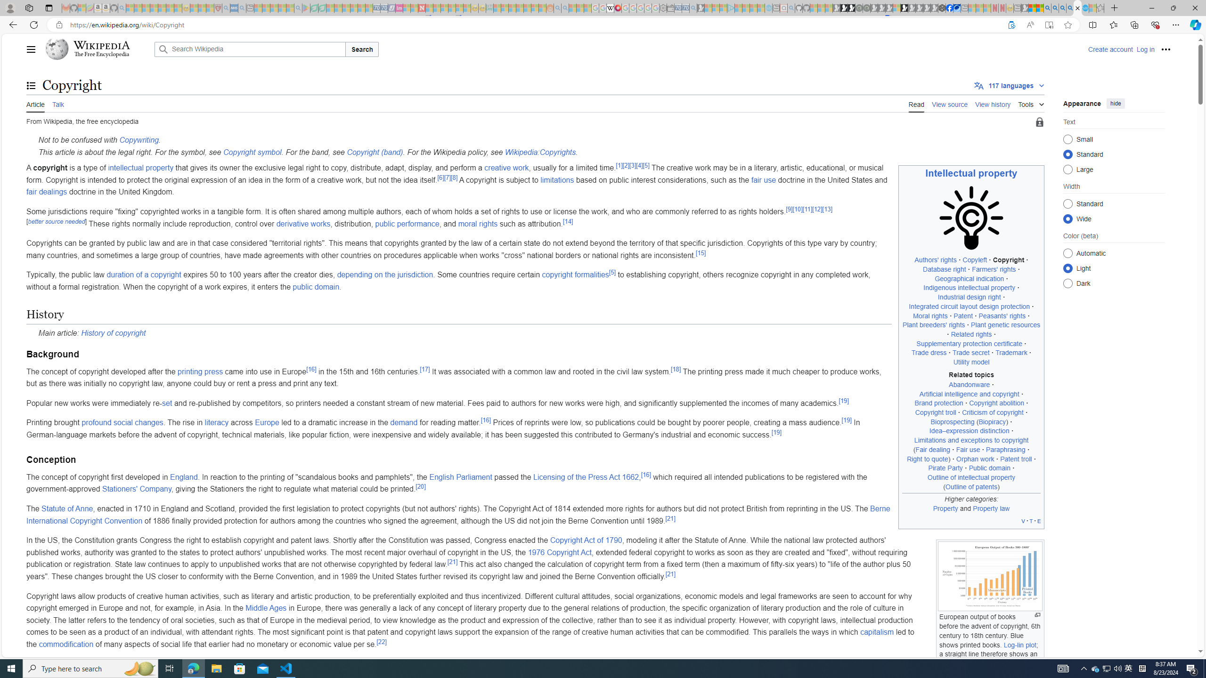 The height and width of the screenshot is (678, 1206). Describe the element at coordinates (146, 8) in the screenshot. I see `'The Weather Channel - MSN - Sleeping'` at that location.